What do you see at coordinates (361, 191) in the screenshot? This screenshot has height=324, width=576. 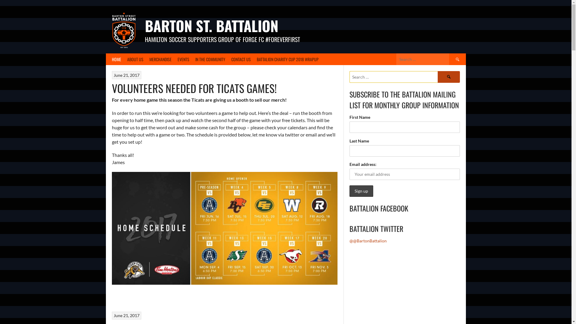 I see `'Sign up'` at bounding box center [361, 191].